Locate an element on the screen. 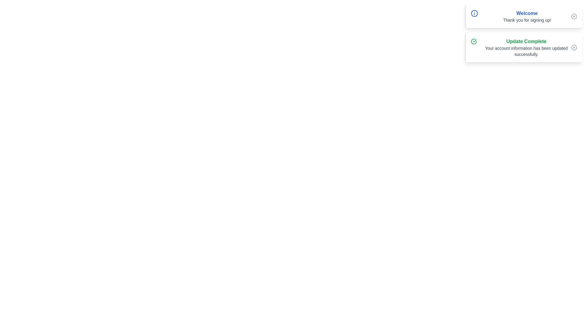  displayed confirmation message in the Notification text located beneath the 'Update Complete' heading in the notification box is located at coordinates (526, 51).